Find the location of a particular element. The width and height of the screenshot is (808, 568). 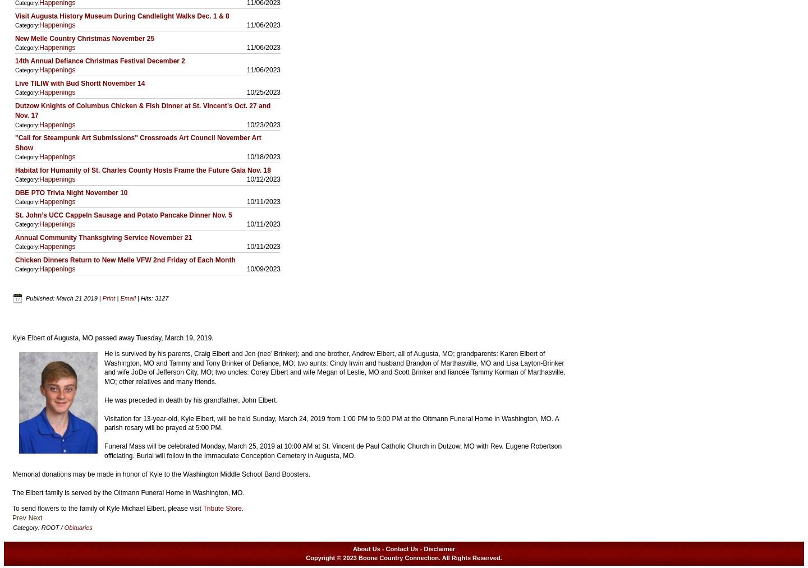

'Copyright © 2023 Boone Country Connection. All Rights Reserved.' is located at coordinates (306, 557).